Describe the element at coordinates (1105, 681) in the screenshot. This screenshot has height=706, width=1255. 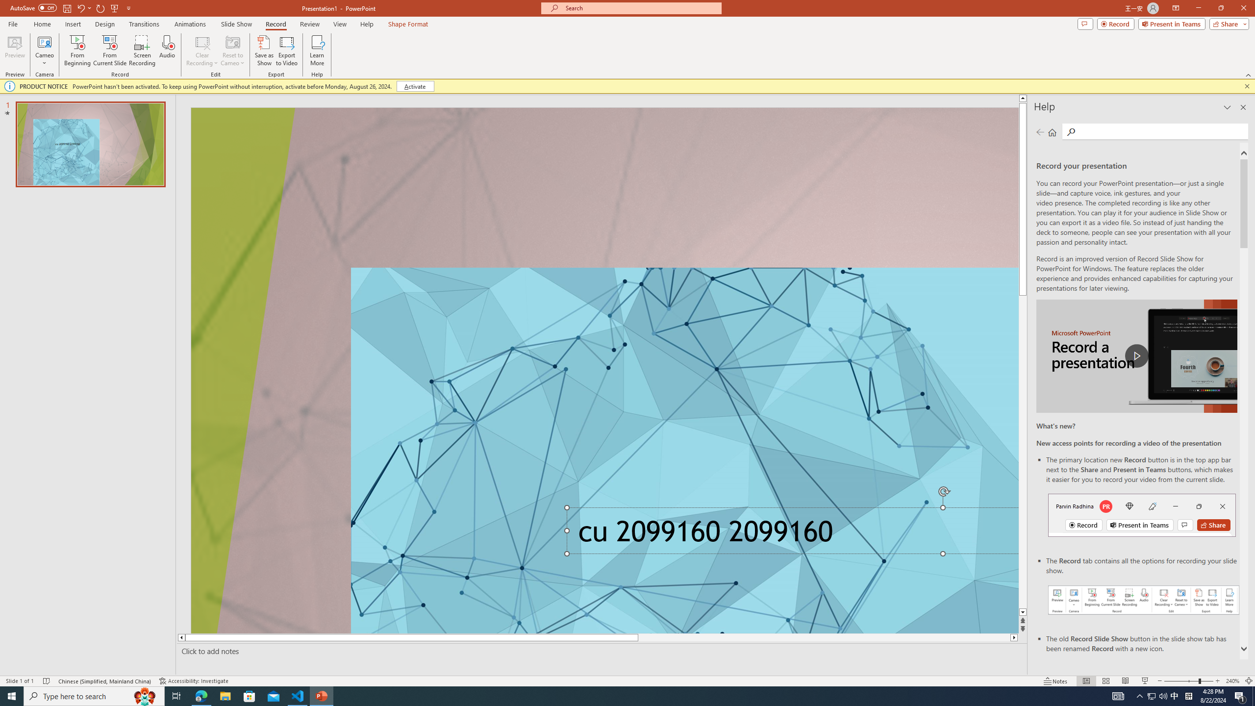
I see `'Slide Sorter'` at that location.